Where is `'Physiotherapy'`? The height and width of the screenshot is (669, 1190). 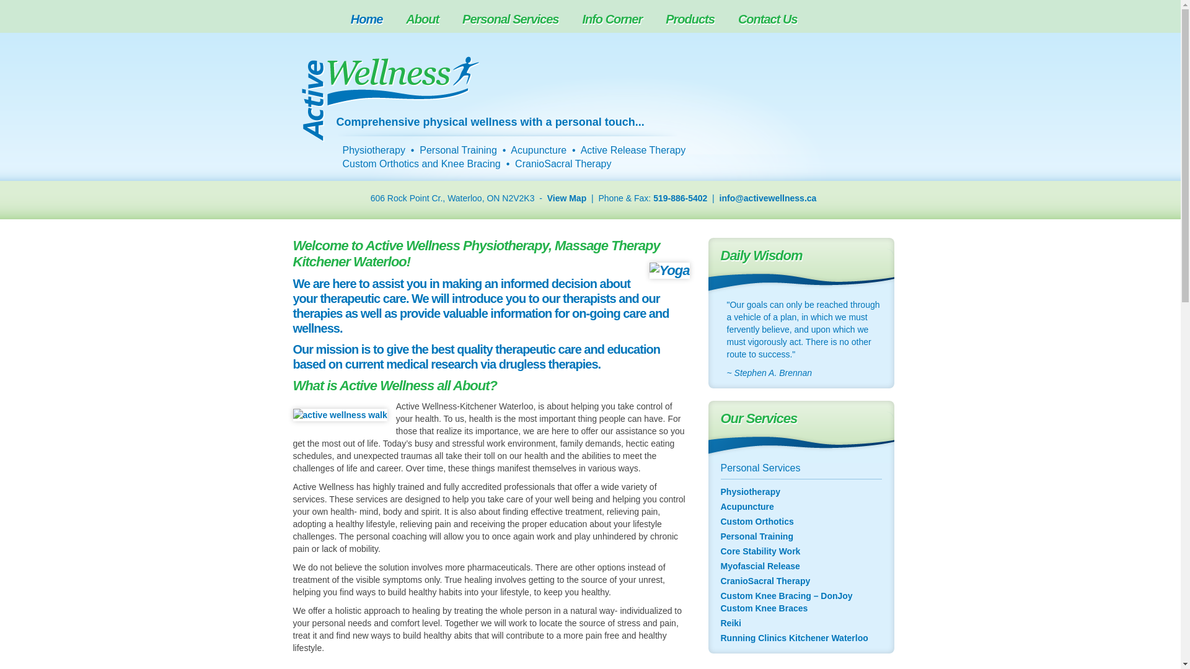
'Physiotherapy' is located at coordinates (720, 491).